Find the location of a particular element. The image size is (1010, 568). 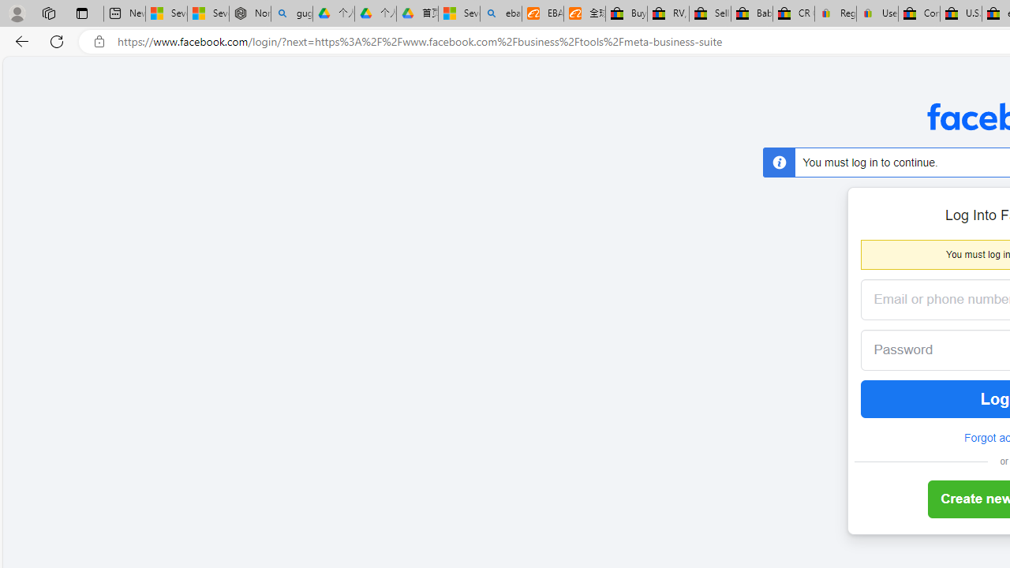

'Register: Create a personal eBay account' is located at coordinates (835, 13).